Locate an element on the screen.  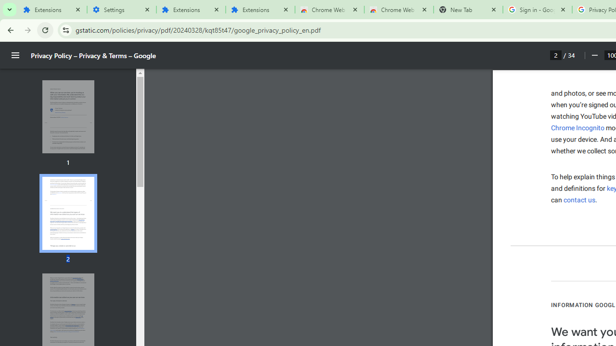
'Extensions' is located at coordinates (260, 10).